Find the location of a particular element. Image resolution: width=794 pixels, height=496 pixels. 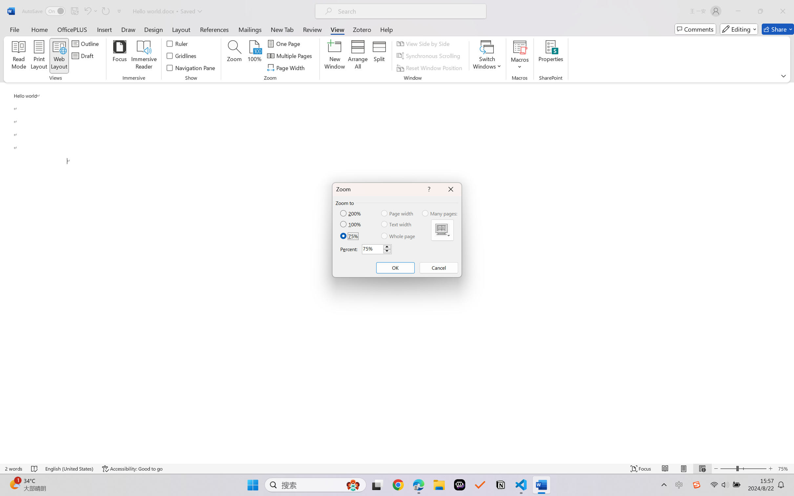

'Insert' is located at coordinates (104, 29).